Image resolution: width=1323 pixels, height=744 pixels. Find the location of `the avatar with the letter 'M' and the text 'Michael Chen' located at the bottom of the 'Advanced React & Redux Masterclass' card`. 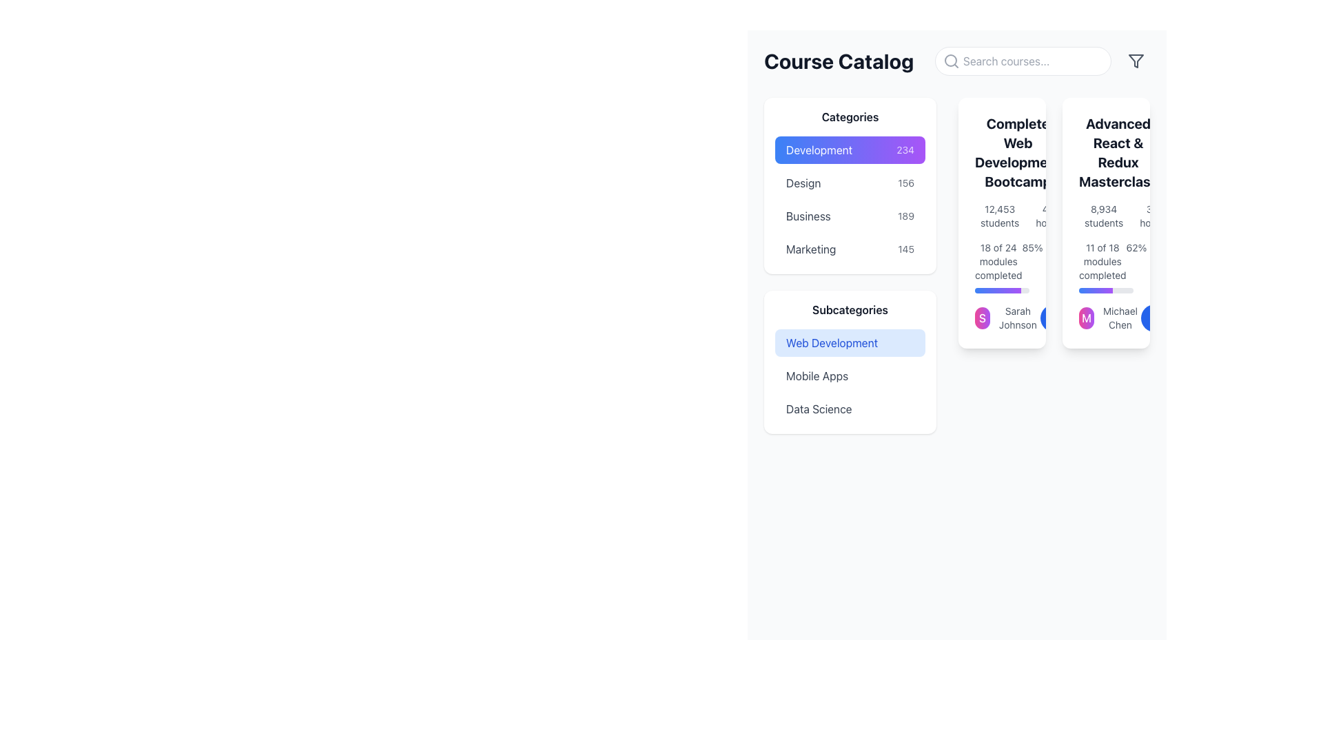

the avatar with the letter 'M' and the text 'Michael Chen' located at the bottom of the 'Advanced React & Redux Masterclass' card is located at coordinates (1106, 318).